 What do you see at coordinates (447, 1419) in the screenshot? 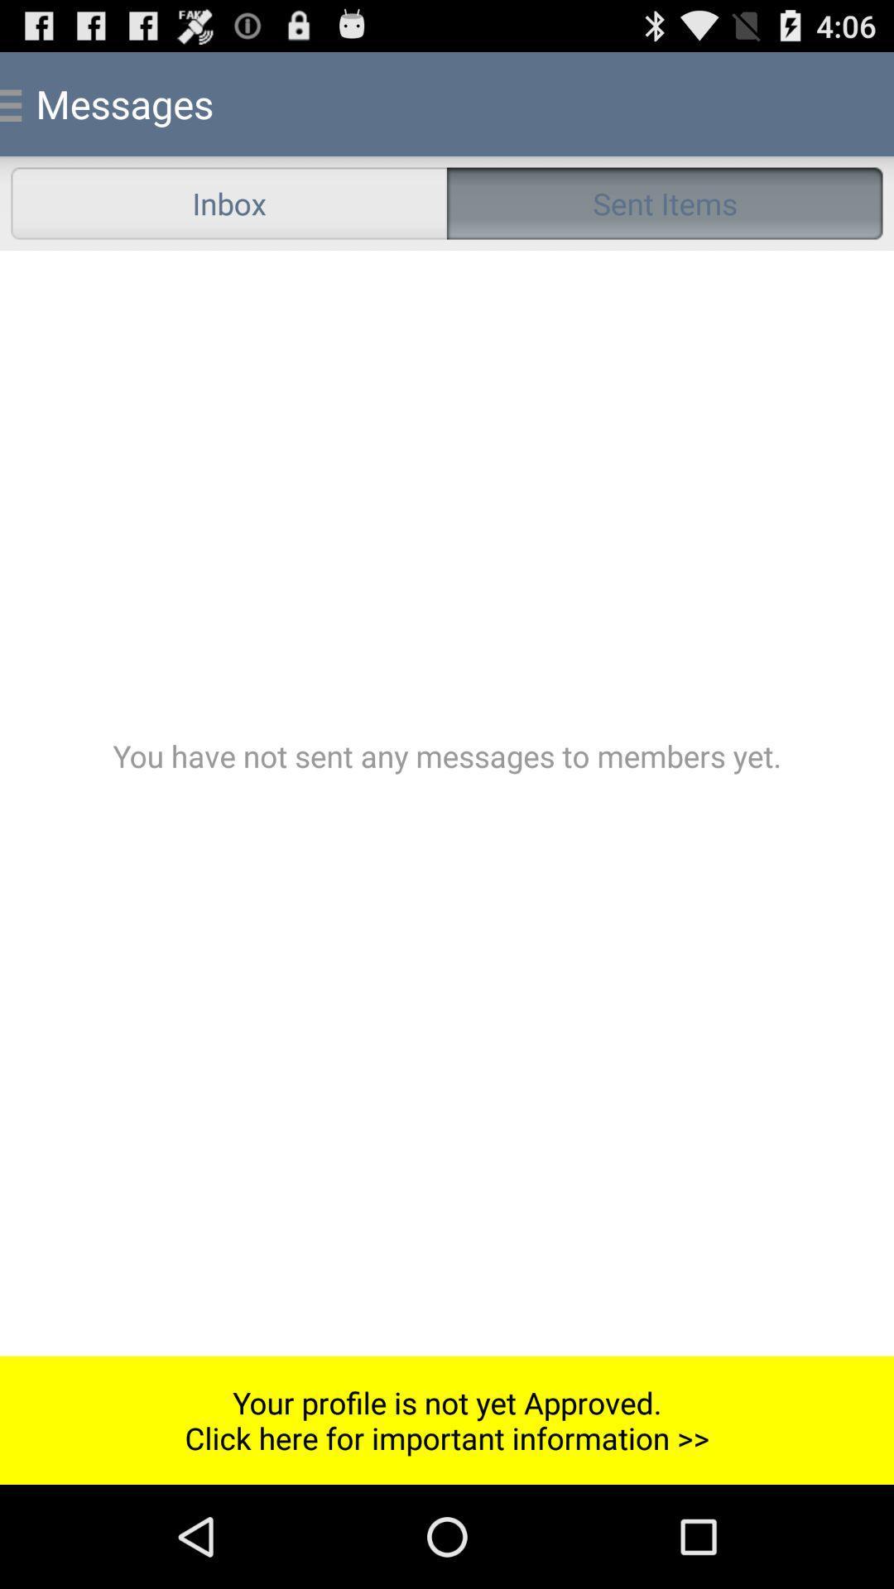
I see `the your profile is item` at bounding box center [447, 1419].